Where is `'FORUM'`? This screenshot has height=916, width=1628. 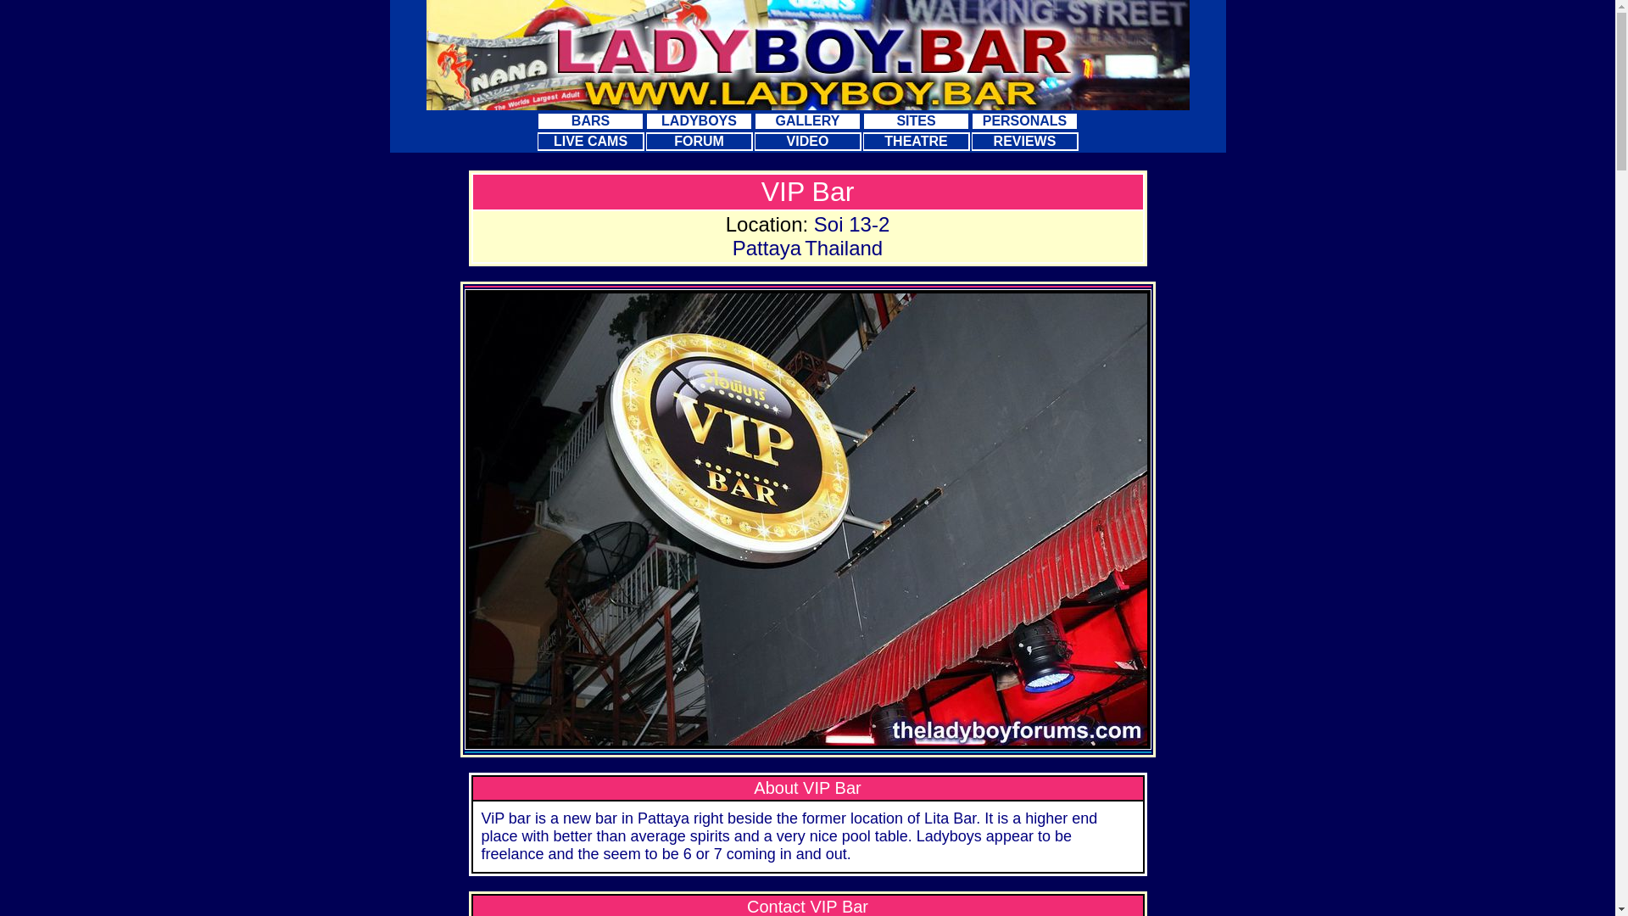
'FORUM' is located at coordinates (699, 140).